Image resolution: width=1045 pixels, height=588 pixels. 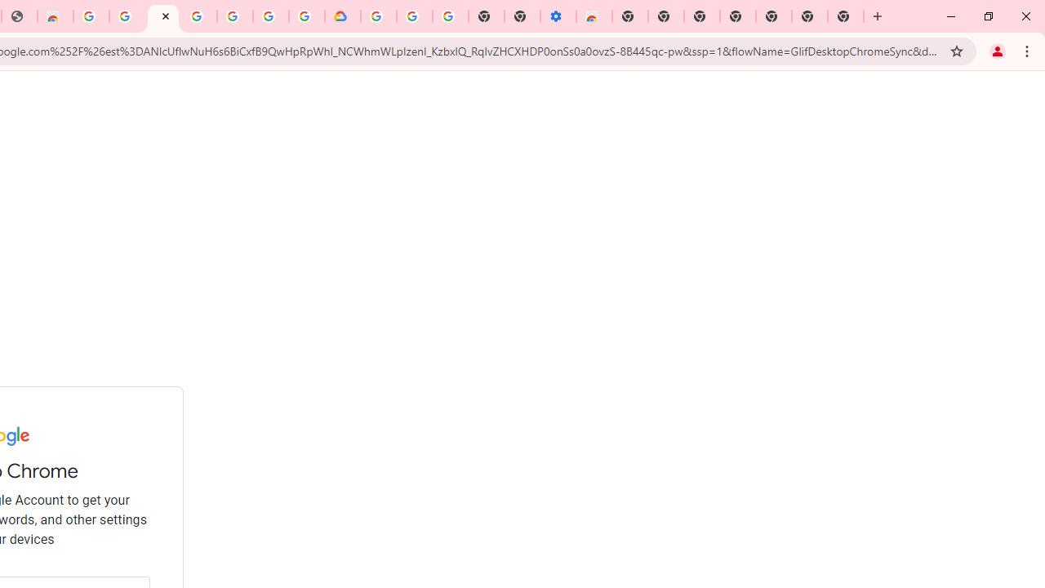 What do you see at coordinates (450, 16) in the screenshot?
I see `'Turn cookies on or off - Computer - Google Account Help'` at bounding box center [450, 16].